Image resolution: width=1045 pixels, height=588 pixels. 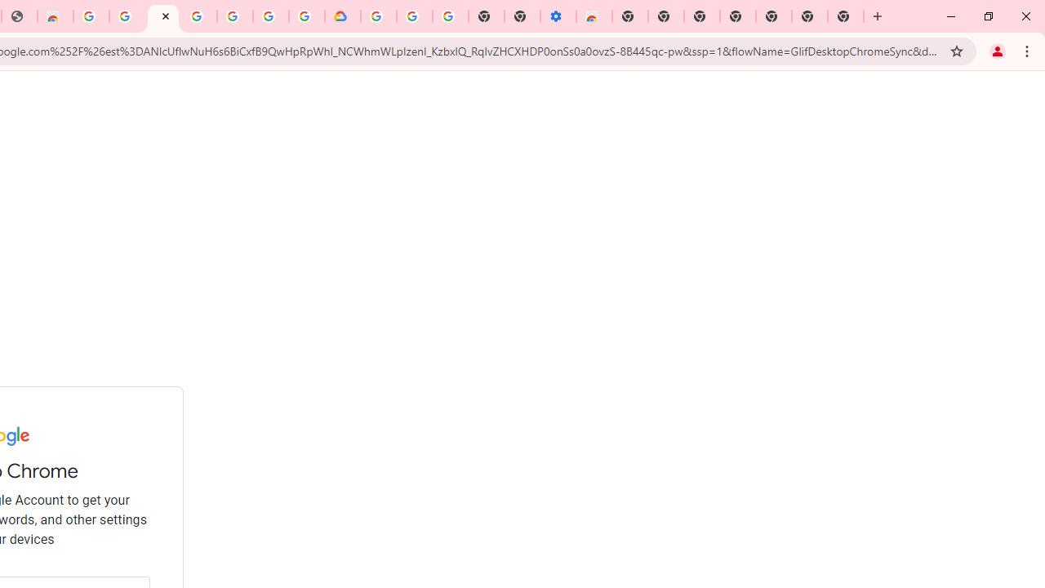 What do you see at coordinates (450, 16) in the screenshot?
I see `'Turn cookies on or off - Computer - Google Account Help'` at bounding box center [450, 16].